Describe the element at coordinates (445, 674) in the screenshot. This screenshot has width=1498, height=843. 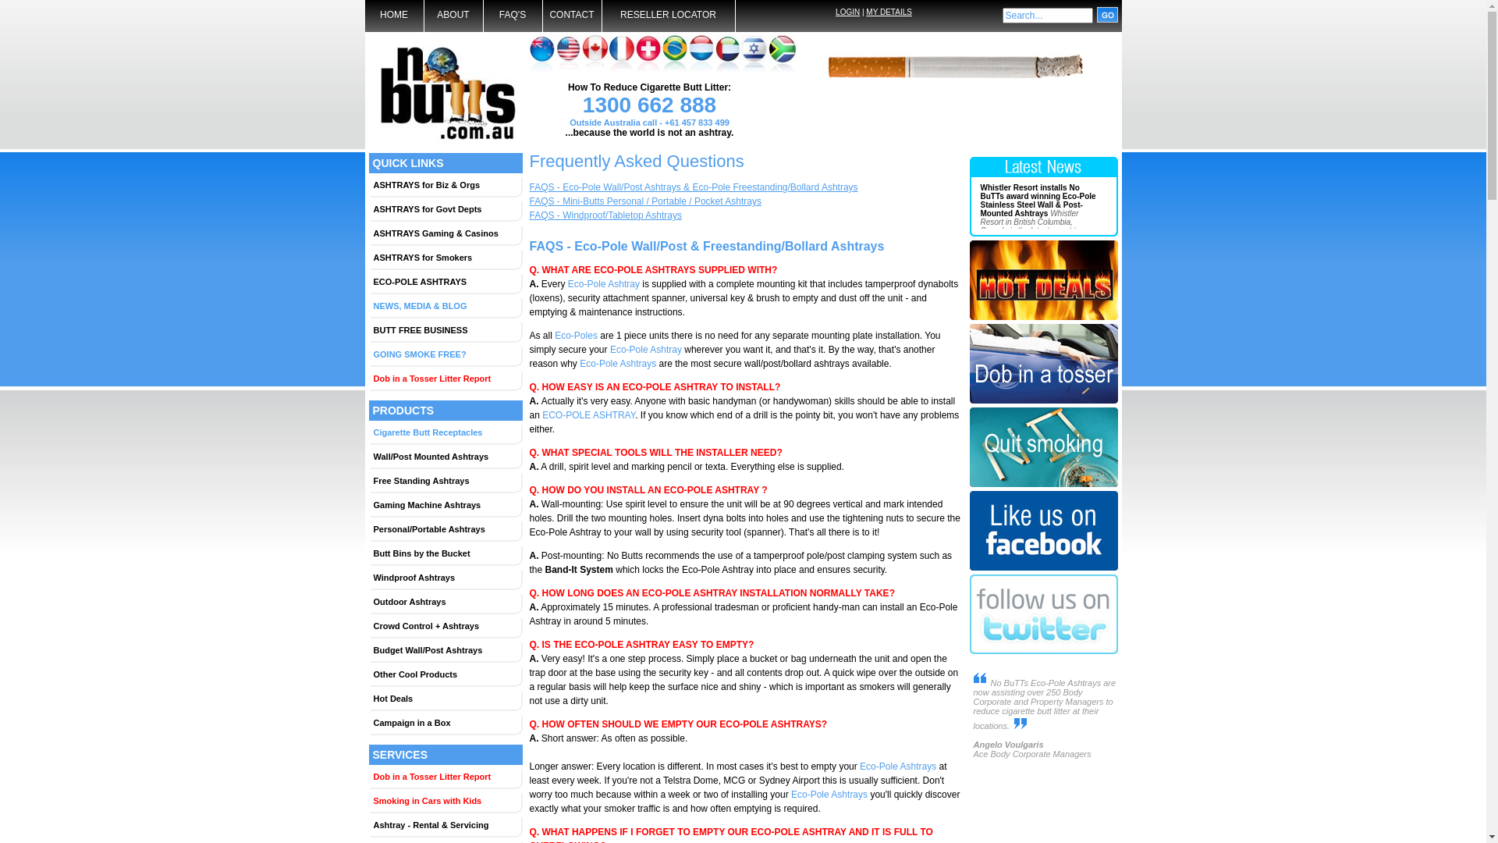
I see `'Other Cool Products'` at that location.